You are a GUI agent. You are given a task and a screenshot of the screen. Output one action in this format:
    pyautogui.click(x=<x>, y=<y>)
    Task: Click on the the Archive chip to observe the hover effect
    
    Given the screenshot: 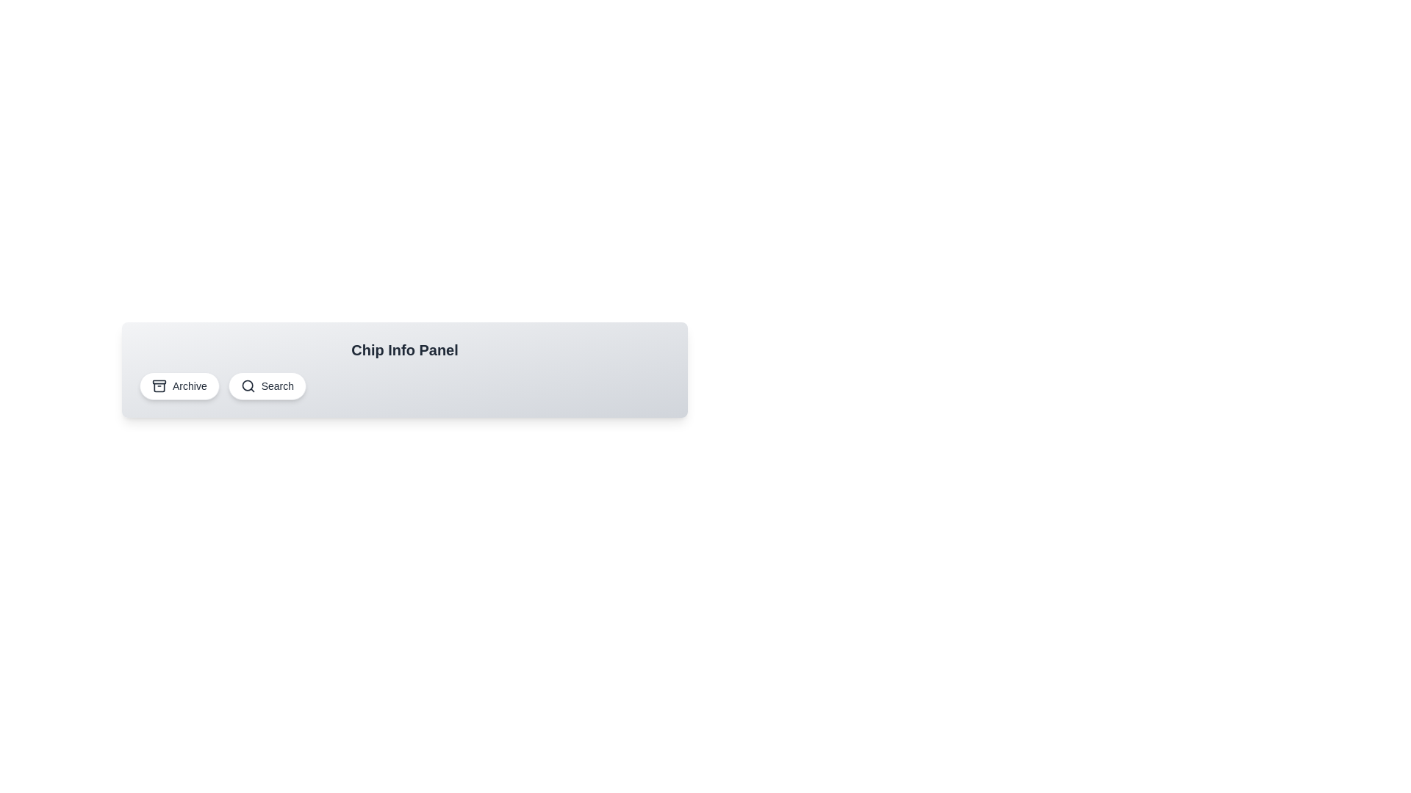 What is the action you would take?
    pyautogui.click(x=179, y=385)
    